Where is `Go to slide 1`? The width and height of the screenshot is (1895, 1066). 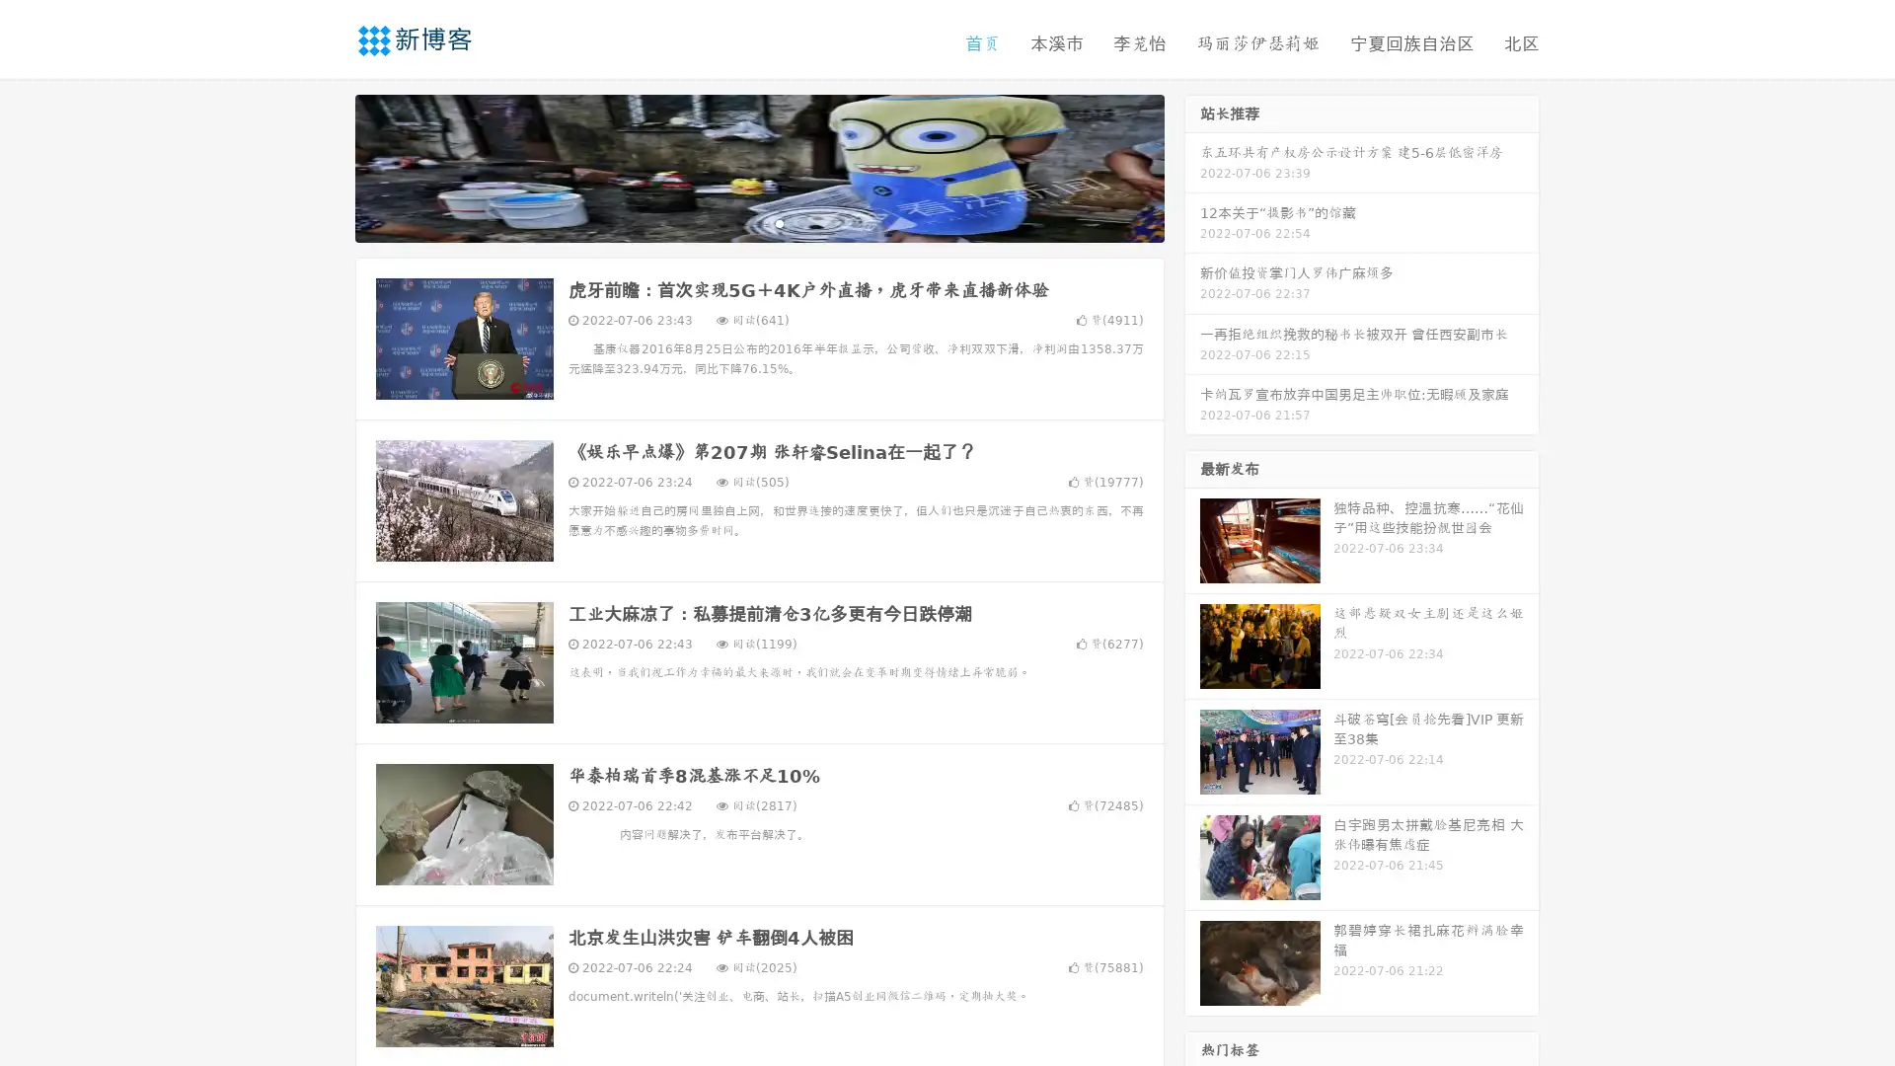
Go to slide 1 is located at coordinates (738, 222).